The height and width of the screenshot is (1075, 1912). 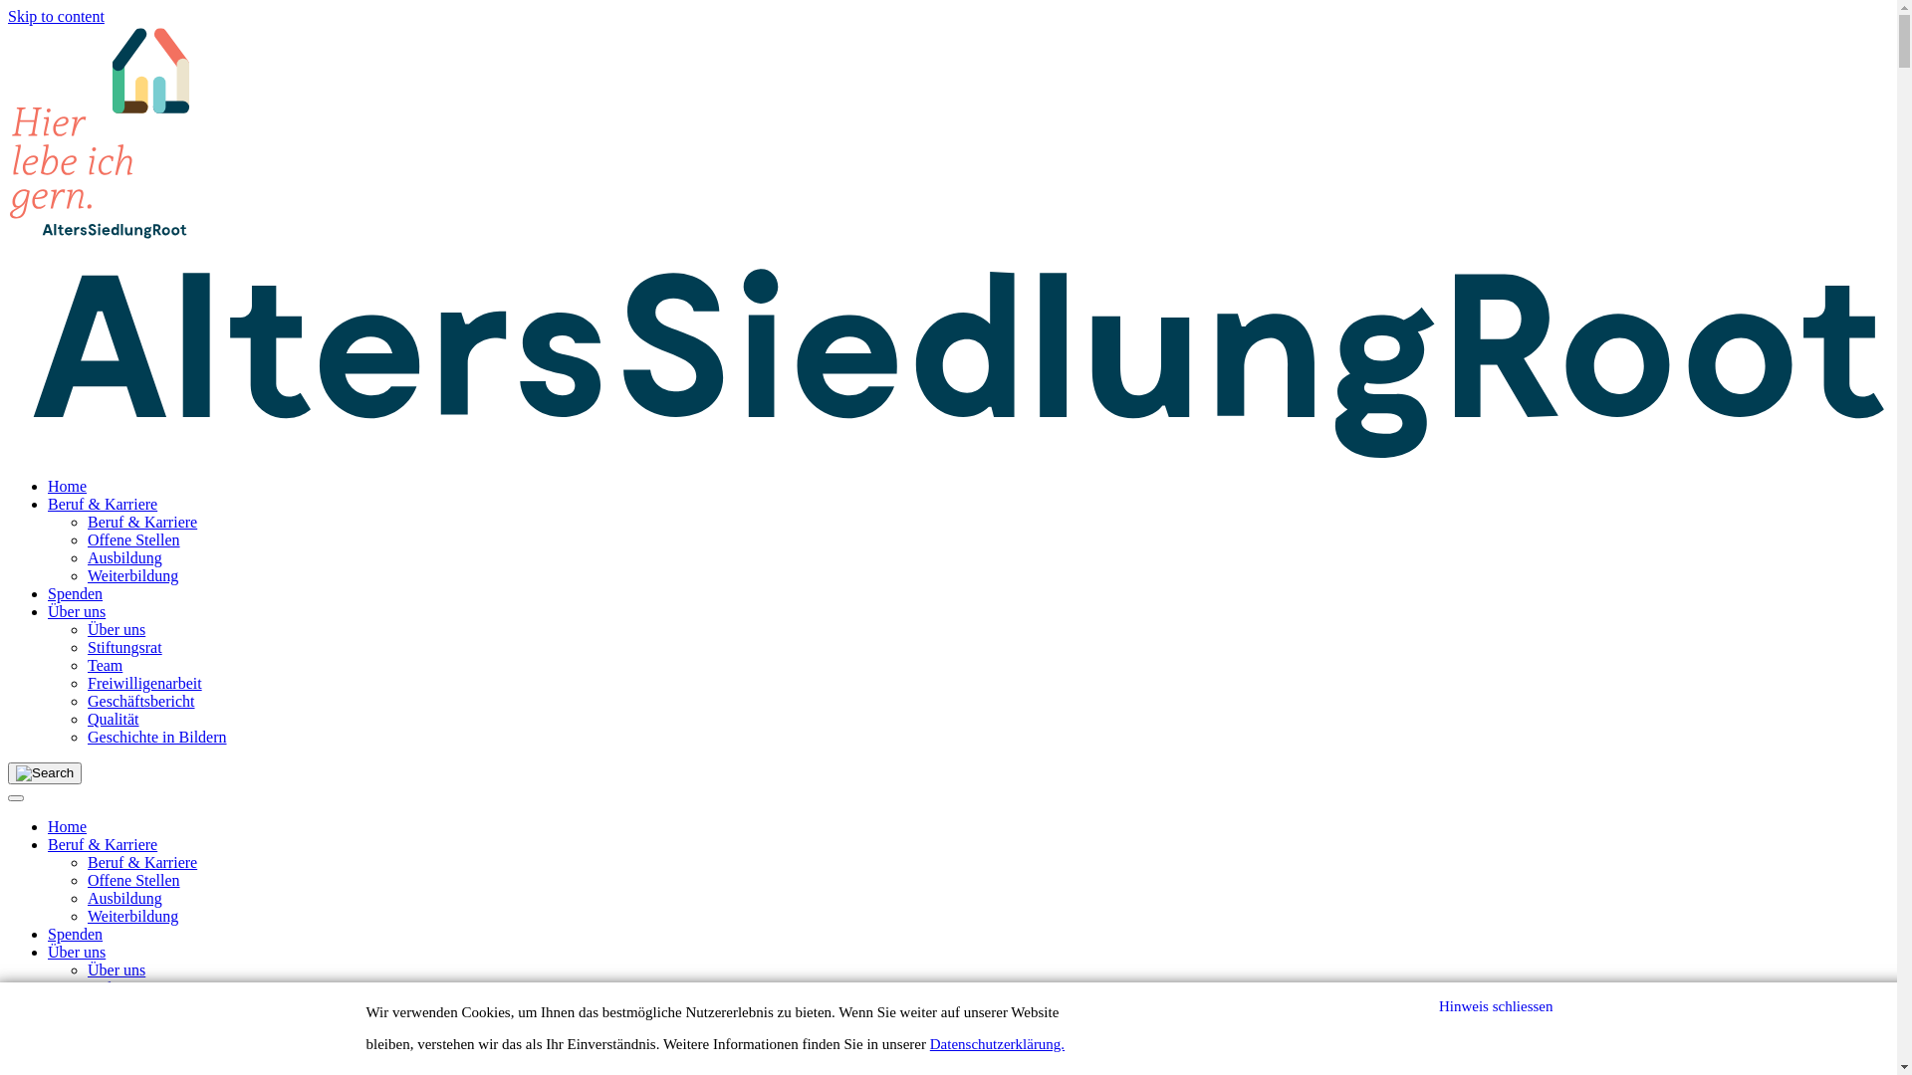 I want to click on 'Spenden', so click(x=75, y=934).